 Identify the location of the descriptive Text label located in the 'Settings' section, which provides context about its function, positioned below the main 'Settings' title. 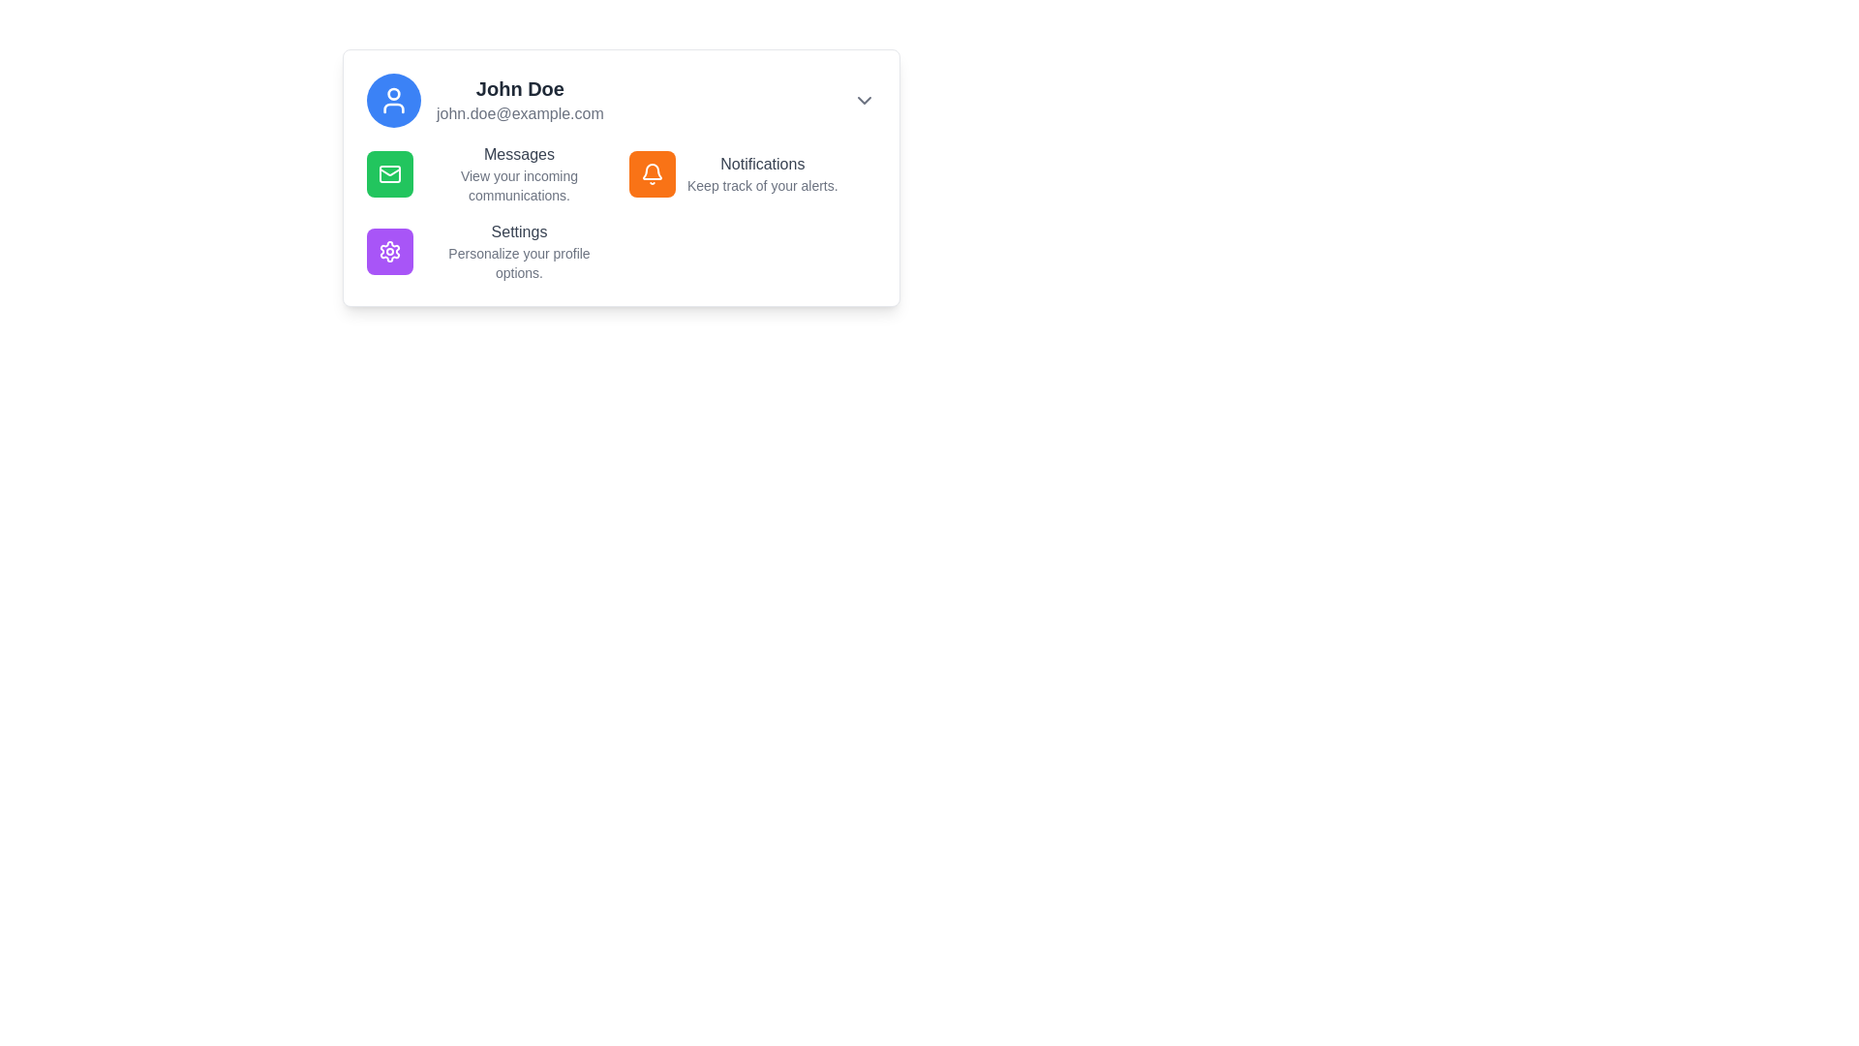
(519, 263).